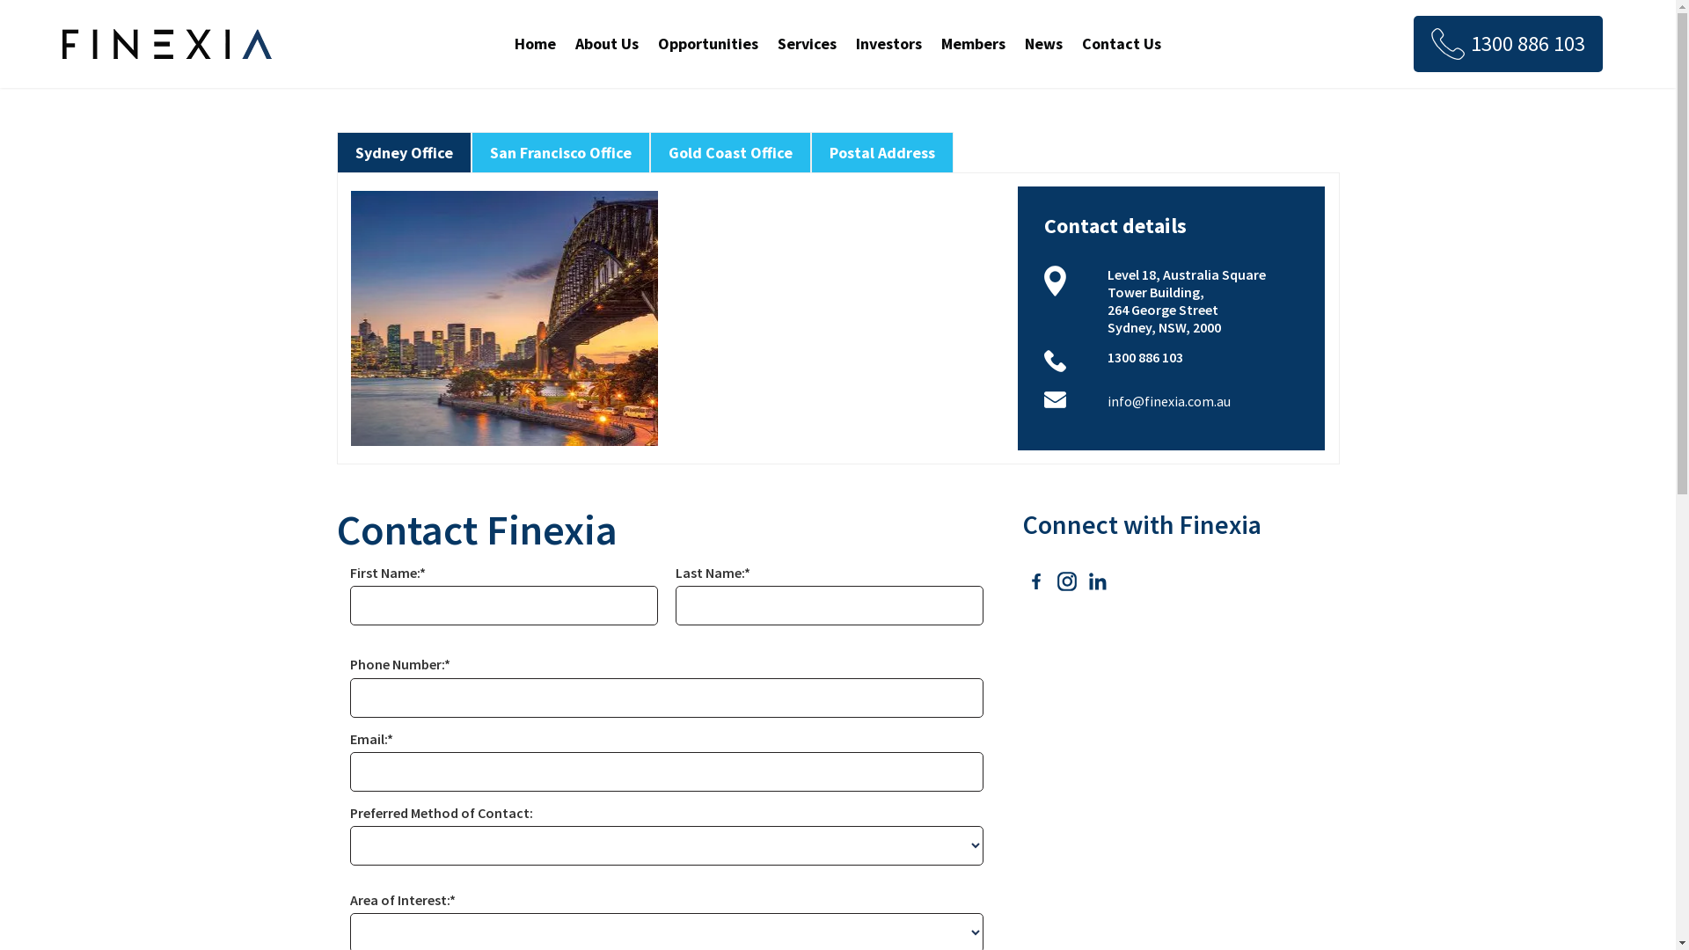 This screenshot has width=1689, height=950. Describe the element at coordinates (167, 43) in the screenshot. I see `'Finexia Financial Group Limited'` at that location.